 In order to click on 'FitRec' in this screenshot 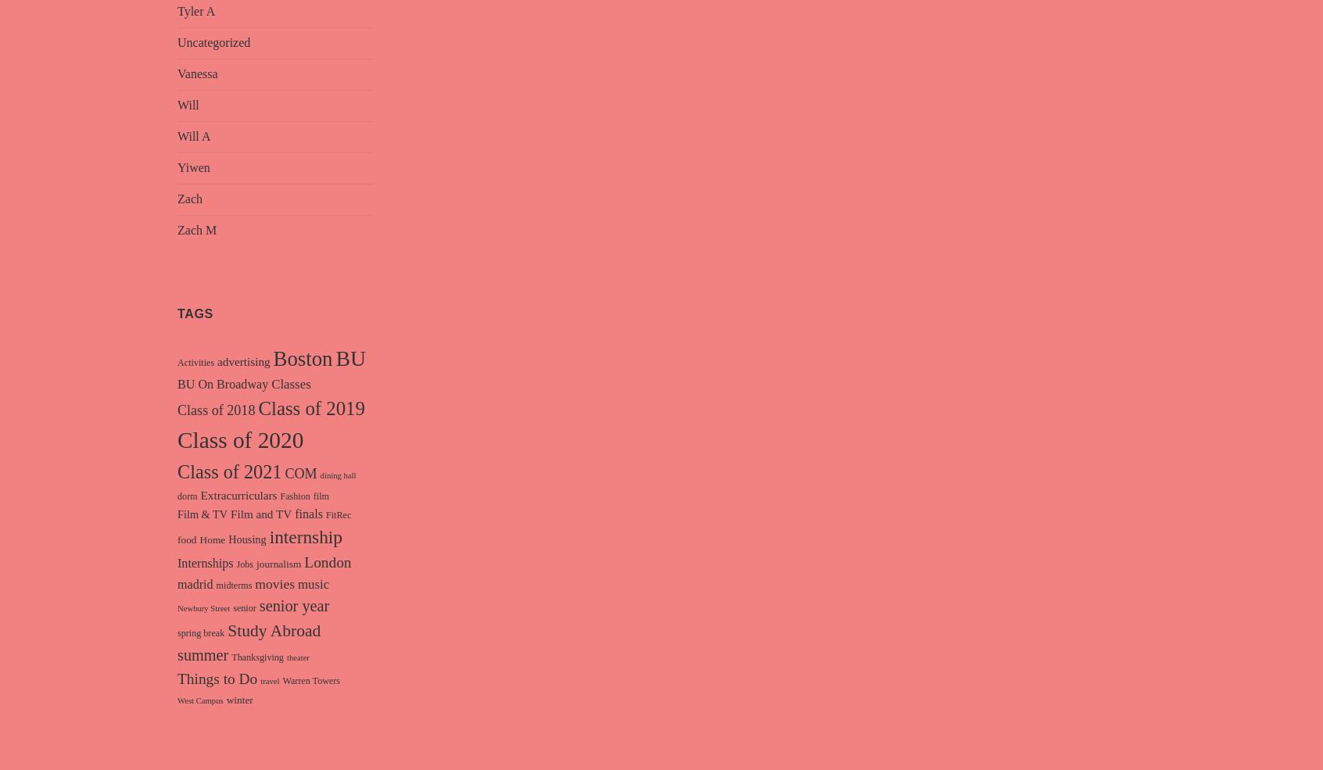, I will do `click(326, 513)`.